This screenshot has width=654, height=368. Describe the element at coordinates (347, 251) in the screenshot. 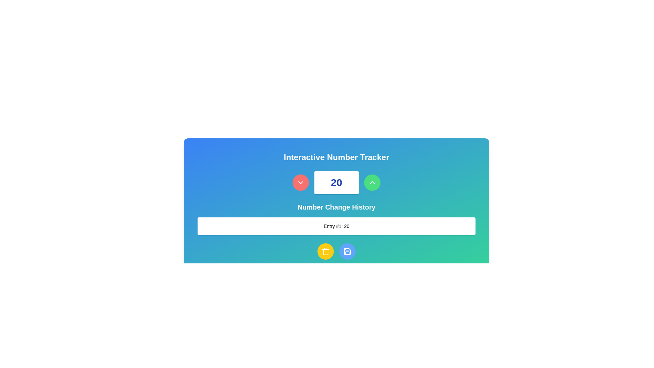

I see `the save icon located within the circular blue button at the bottom center of the interface` at that location.